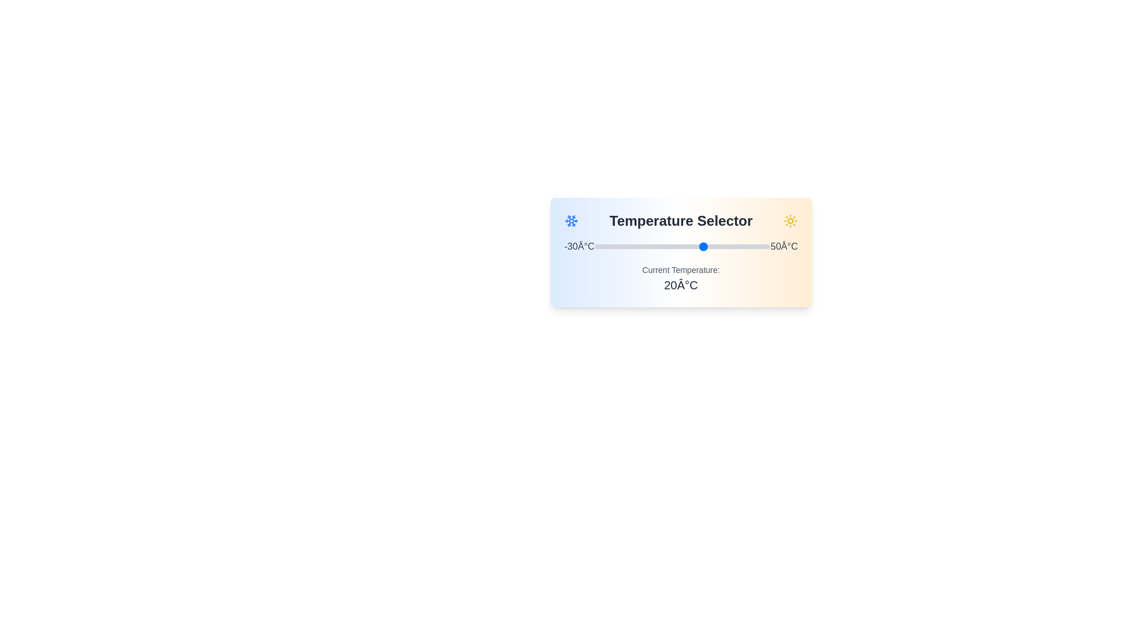 This screenshot has height=630, width=1121. What do you see at coordinates (700, 246) in the screenshot?
I see `the temperature` at bounding box center [700, 246].